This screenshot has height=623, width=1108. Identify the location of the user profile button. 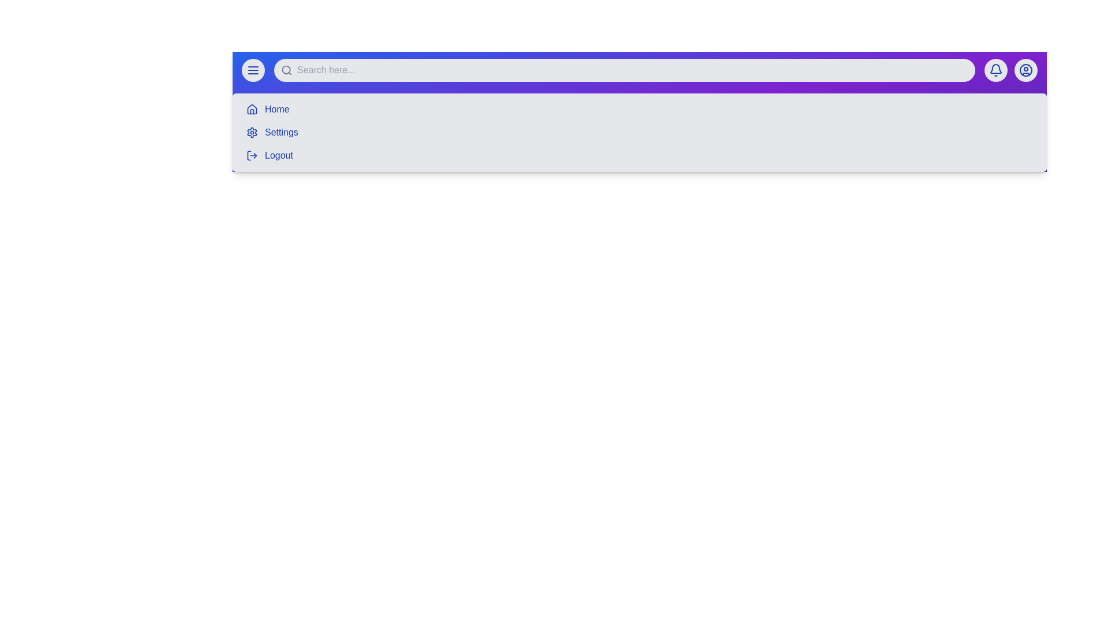
(1025, 70).